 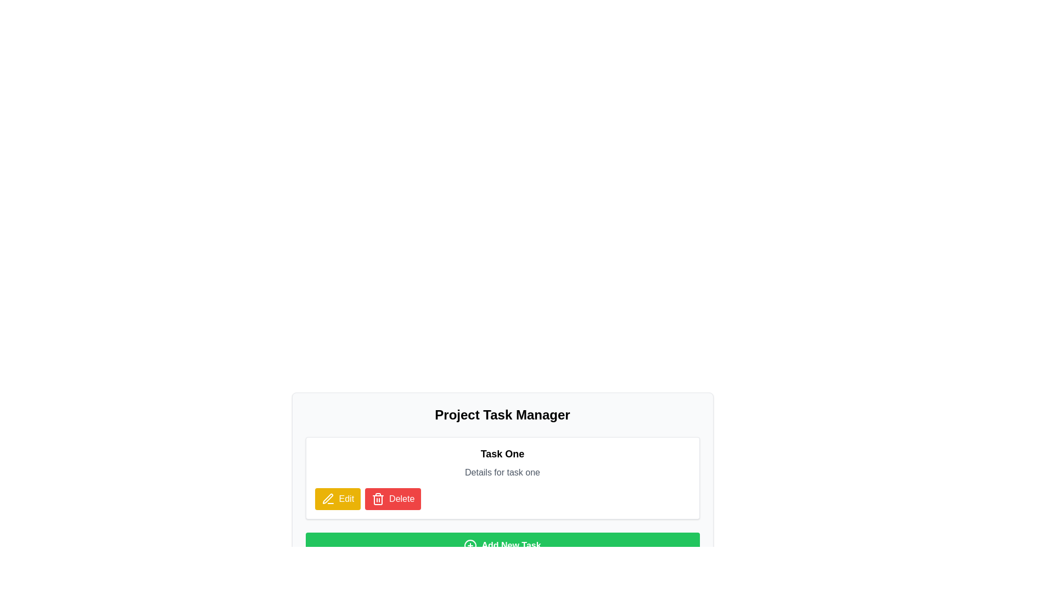 I want to click on the outer circle of the 'plus inside a circle' icon, which is adjacent to the 'Add New Task' button, so click(x=470, y=546).